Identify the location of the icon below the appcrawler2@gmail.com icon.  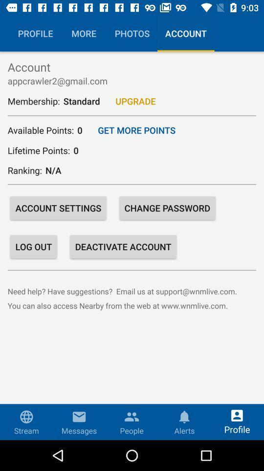
(135, 101).